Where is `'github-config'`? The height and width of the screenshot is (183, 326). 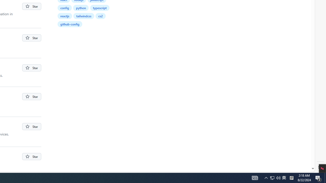
'github-config' is located at coordinates (69, 24).